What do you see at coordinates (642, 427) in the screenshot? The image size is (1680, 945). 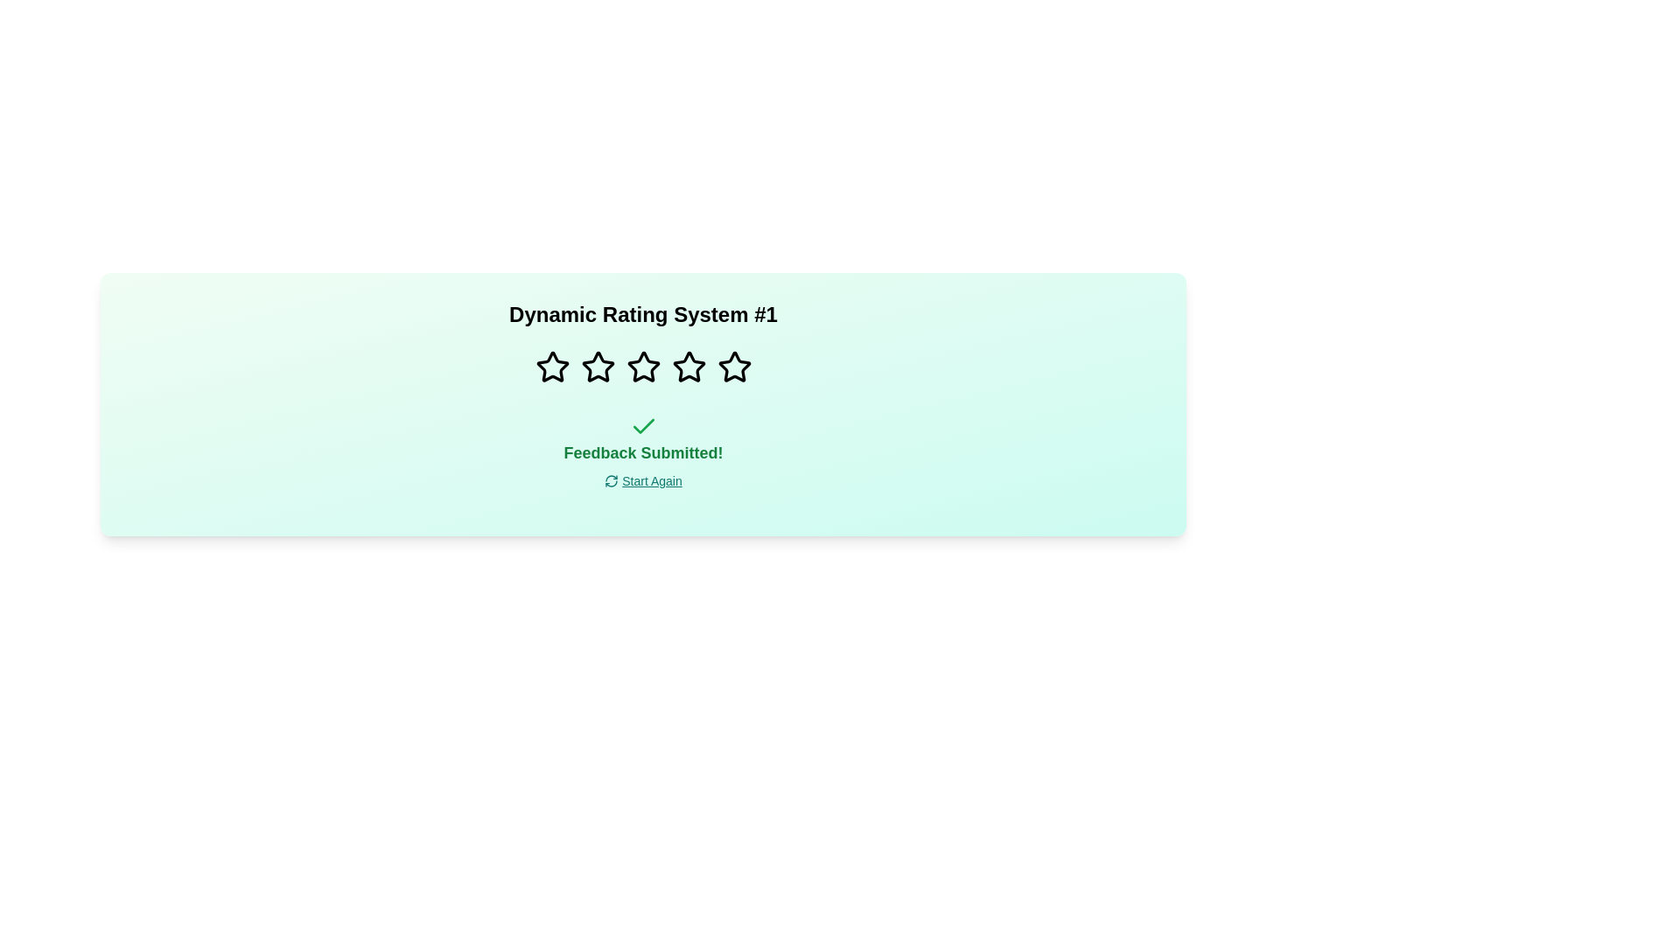 I see `the state of the feedback submission confirmation icon located below the rating stars and above the 'Feedback Submitted!' text` at bounding box center [642, 427].